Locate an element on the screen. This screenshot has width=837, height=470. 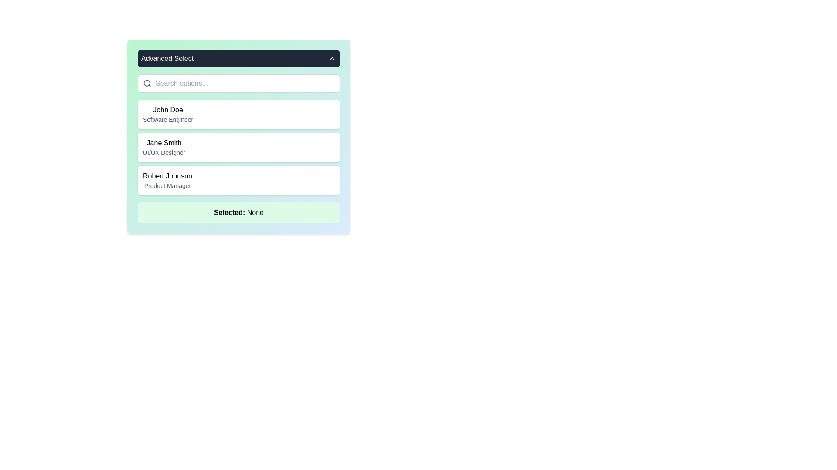
the selectable list item labeled 'Jane Smith' which is styled with a bold font above a smaller light gray font indicating 'UI/UX Designer'. This item is the second in a vertical list within a dropdown interface is located at coordinates (164, 147).